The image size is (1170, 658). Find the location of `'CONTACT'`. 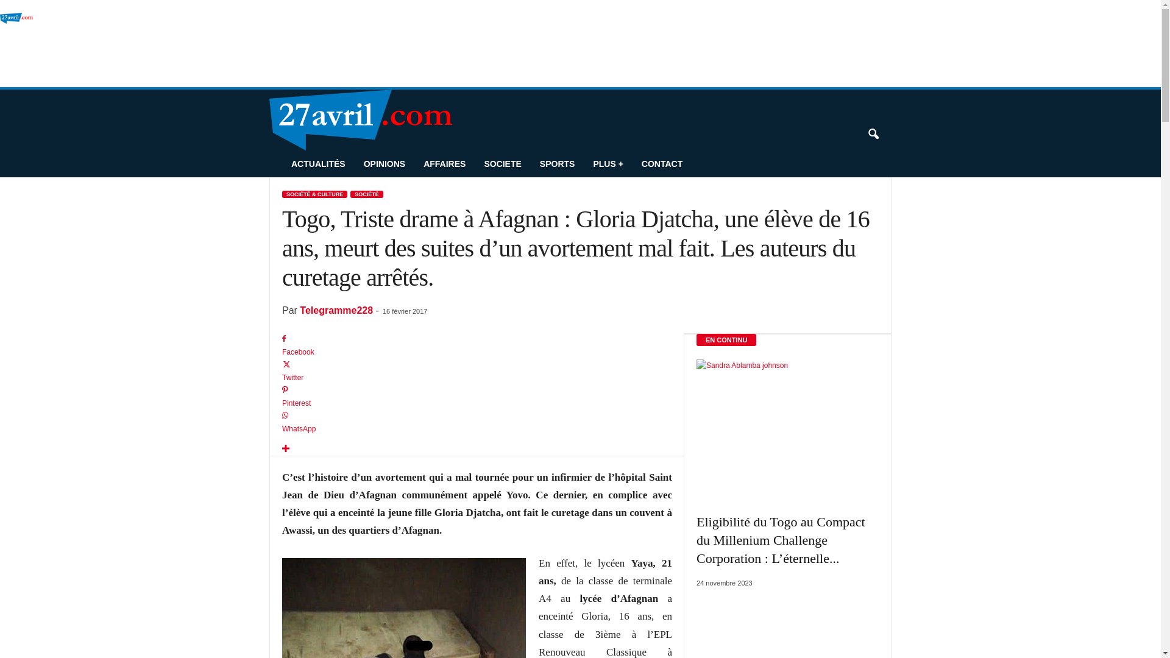

'CONTACT' is located at coordinates (661, 163).